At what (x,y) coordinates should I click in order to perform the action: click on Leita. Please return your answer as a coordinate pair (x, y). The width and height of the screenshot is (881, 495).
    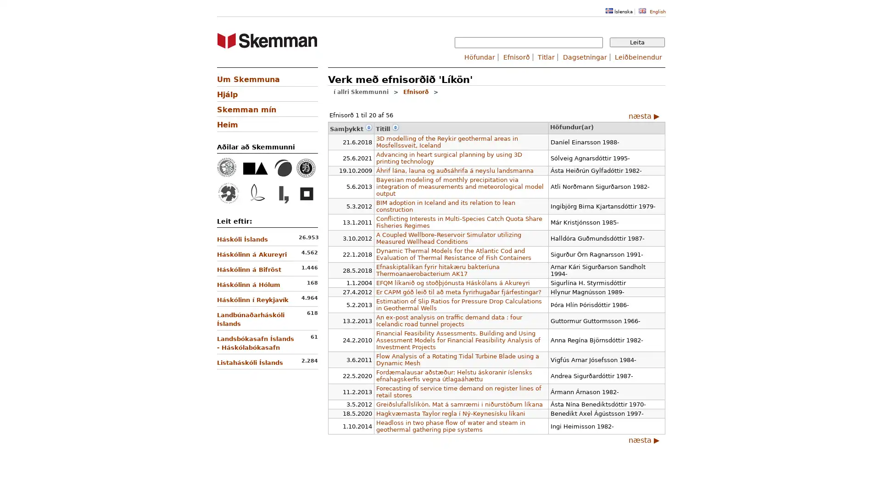
    Looking at the image, I should click on (636, 42).